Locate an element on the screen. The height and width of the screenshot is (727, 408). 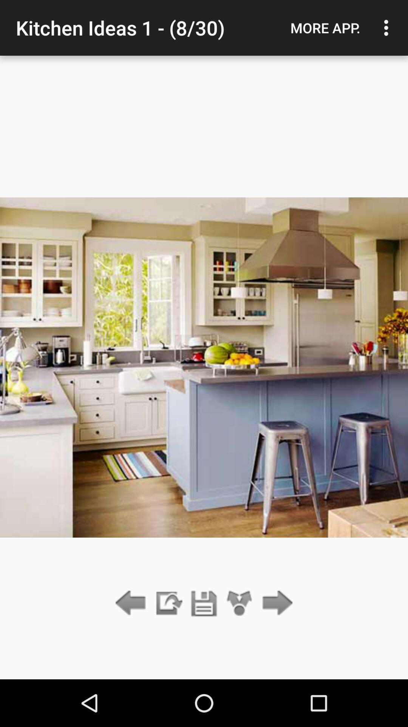
the arrow_forward icon is located at coordinates (275, 603).